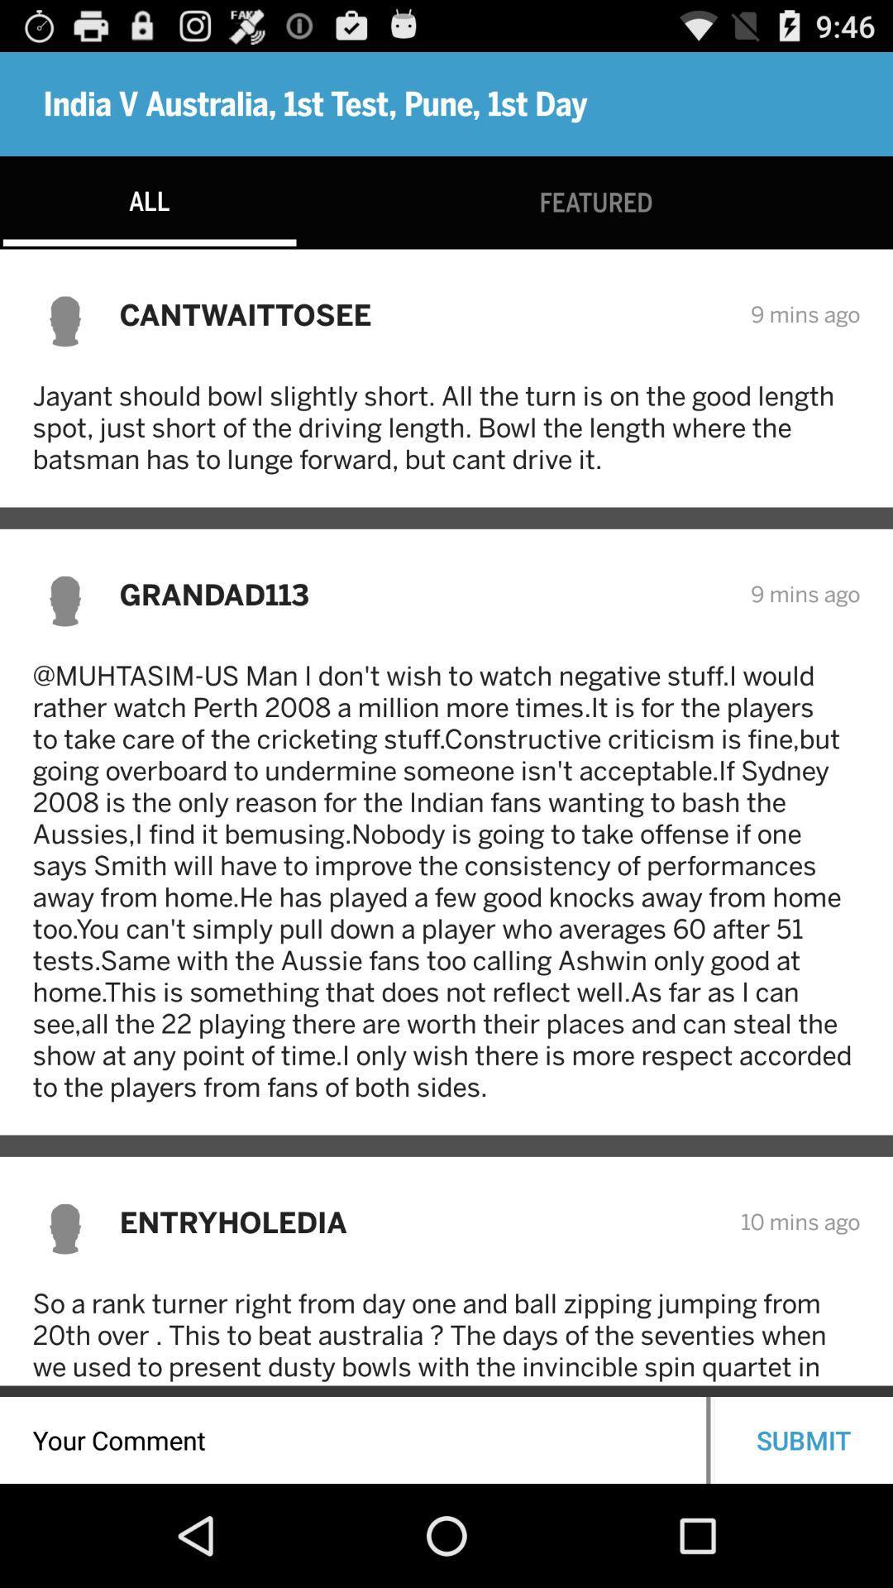  Describe the element at coordinates (596, 202) in the screenshot. I see `the featured icon` at that location.